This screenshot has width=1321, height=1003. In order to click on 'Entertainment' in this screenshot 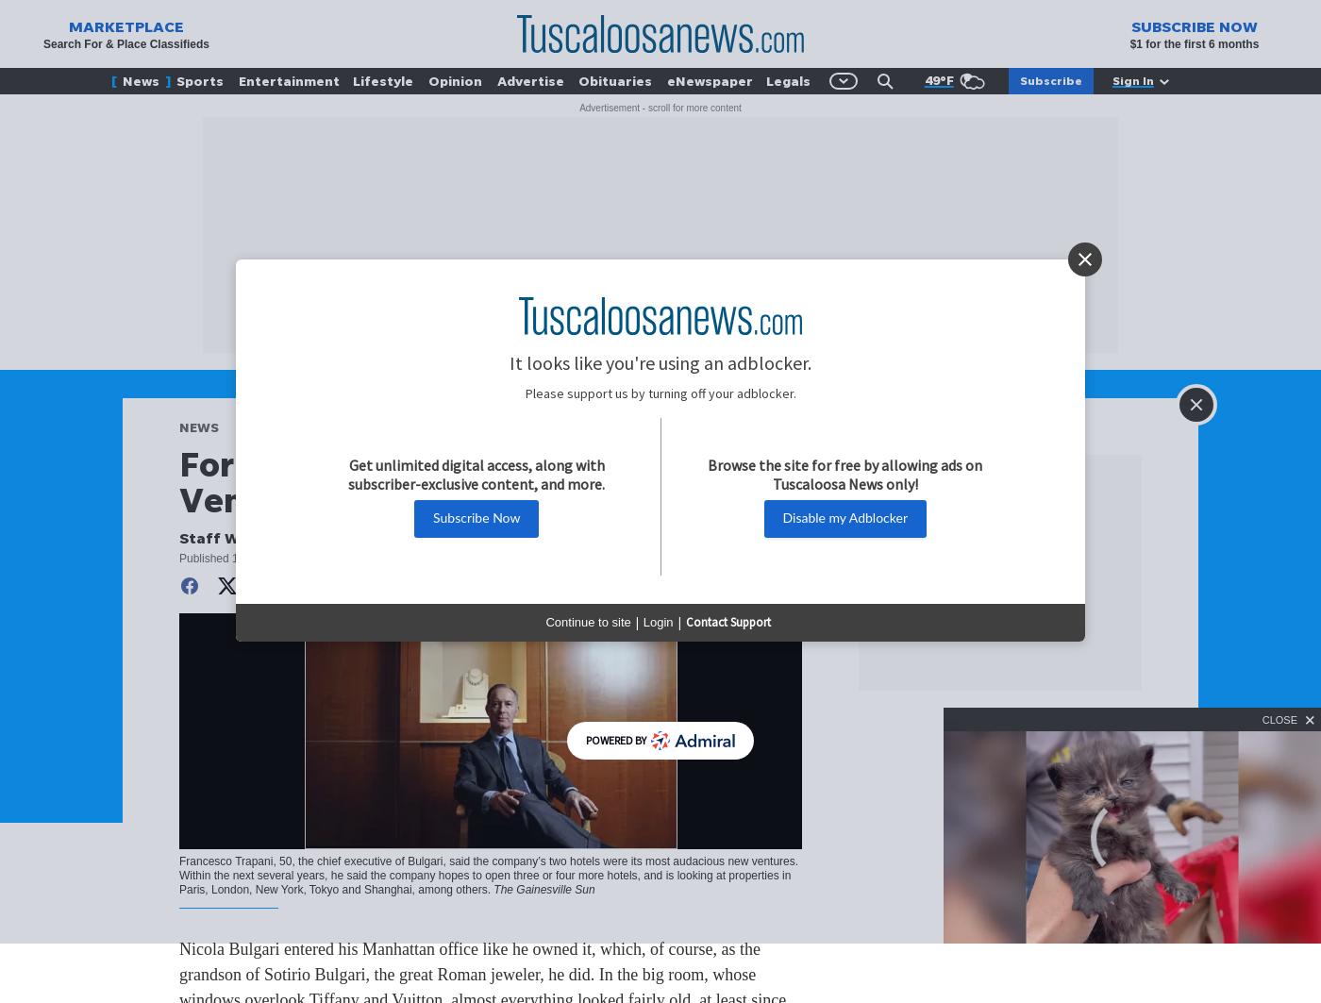, I will do `click(238, 80)`.